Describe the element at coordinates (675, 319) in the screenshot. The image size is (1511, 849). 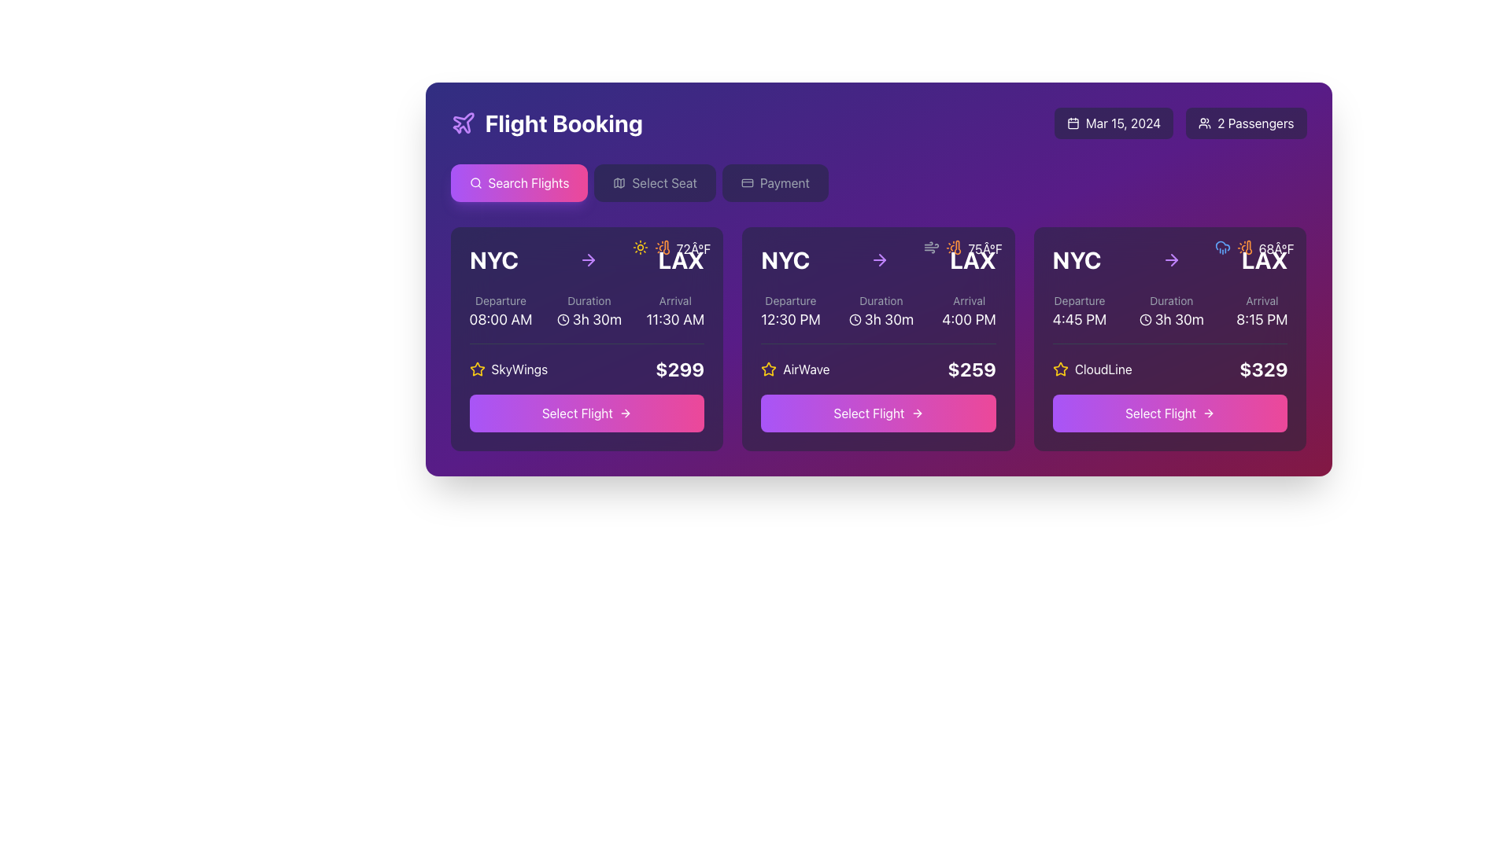
I see `the Text label that displays the arrival time for the flight, positioned beneath the 'Arrival' label in the bottom section of the first flight card` at that location.